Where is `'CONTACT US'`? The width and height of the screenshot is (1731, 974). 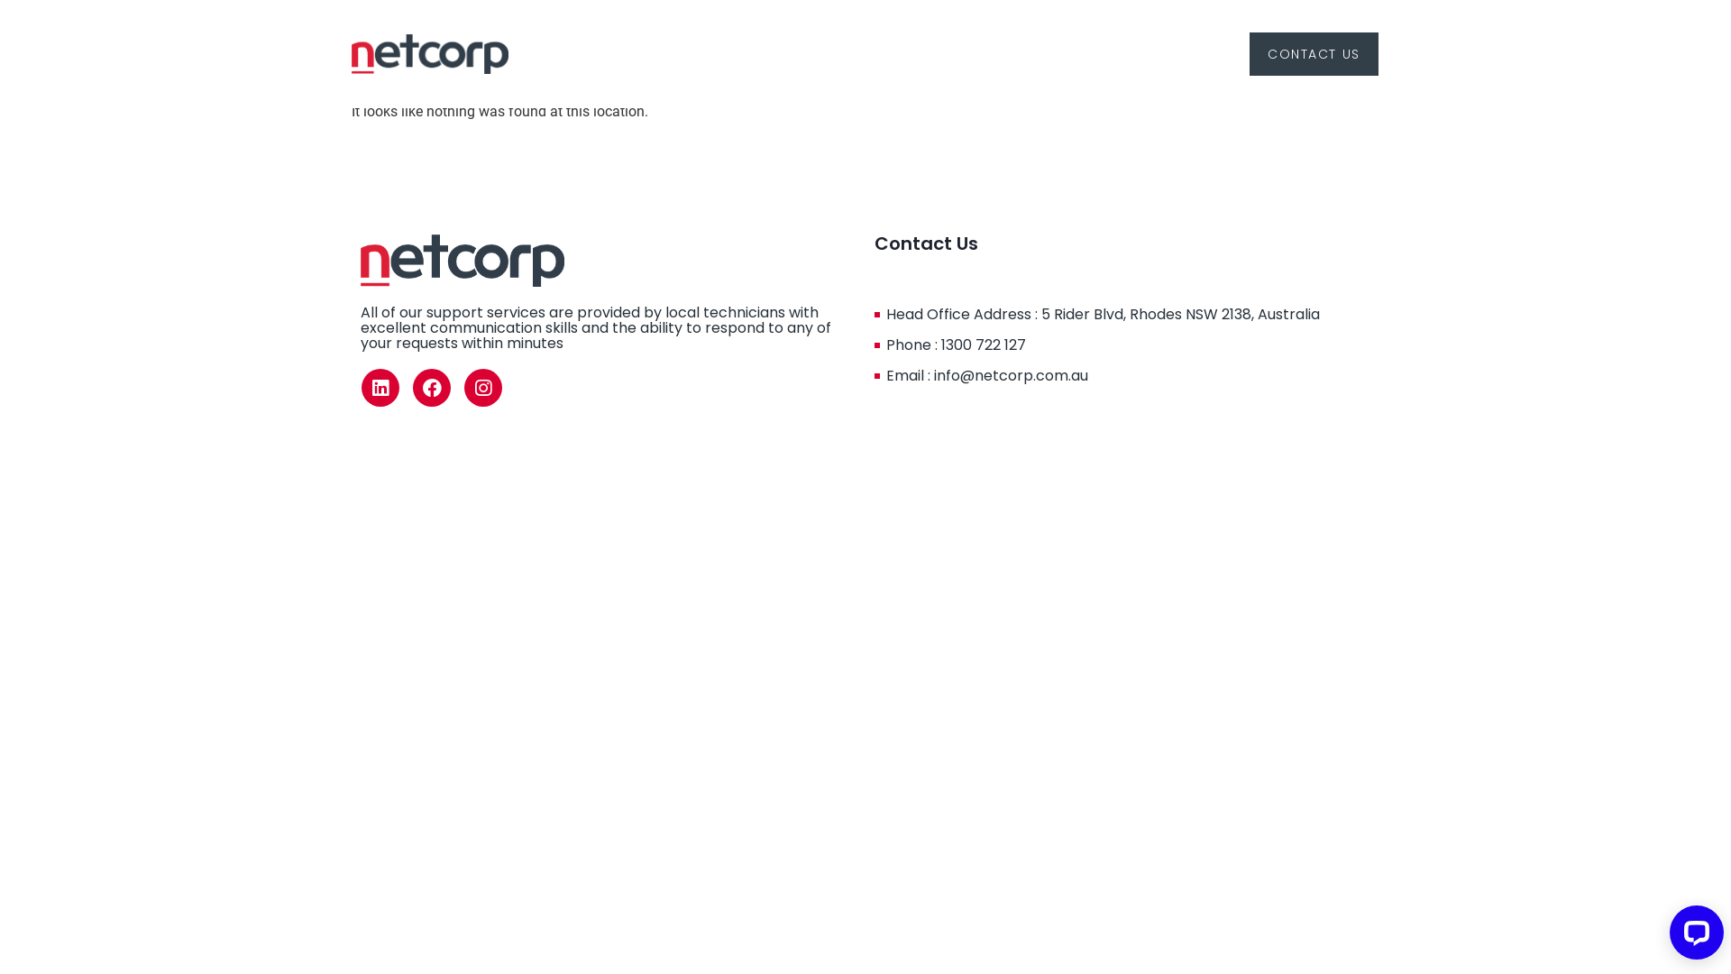 'CONTACT US' is located at coordinates (1314, 53).